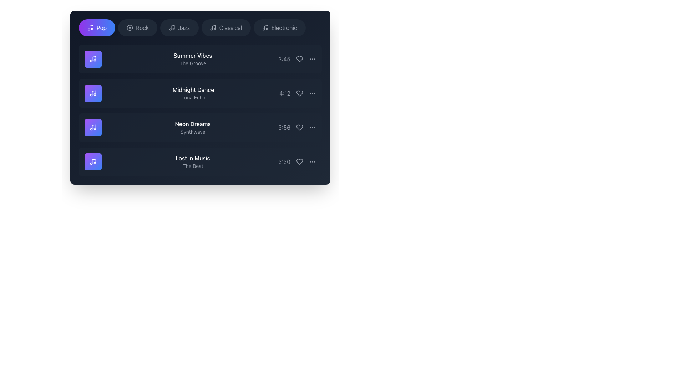 The height and width of the screenshot is (385, 685). I want to click on the 'Classical' category filter option, which is the fifth item in the horizontally arranged list of musical genres, so click(230, 27).